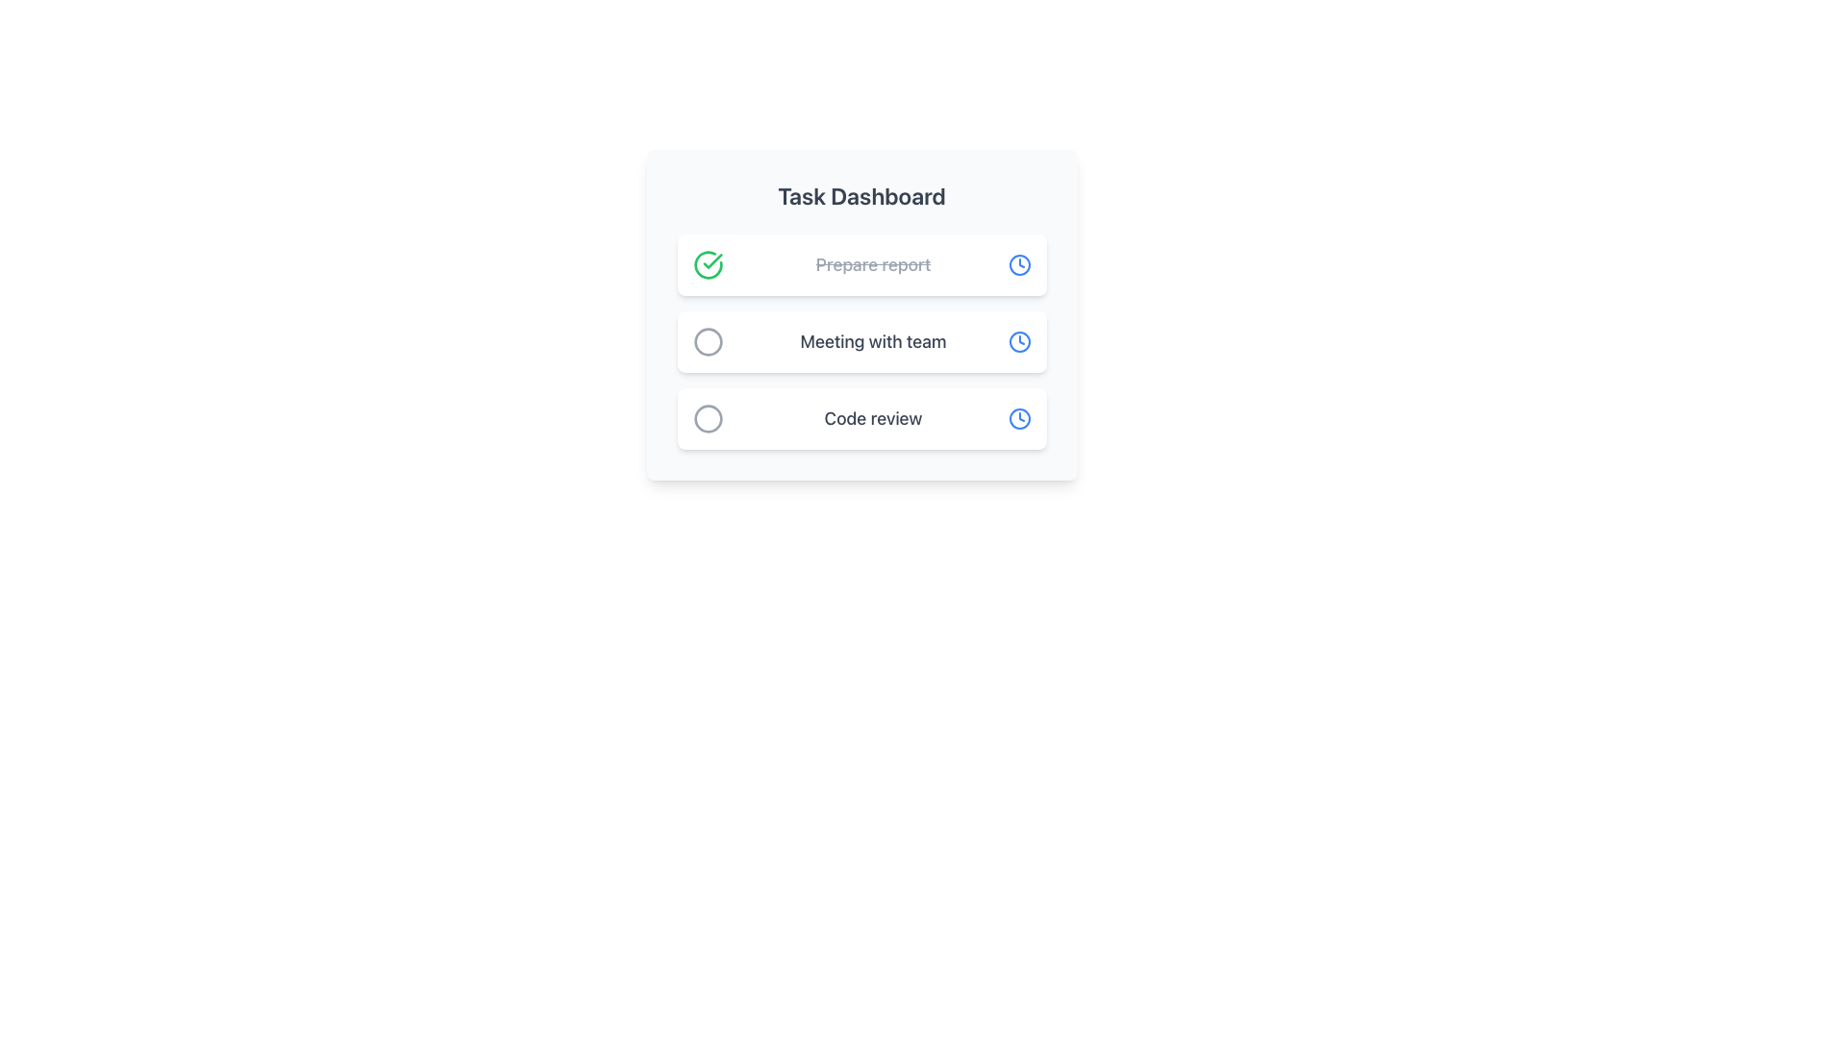 This screenshot has height=1038, width=1846. I want to click on the completed task item labeled 'Prepare report' which is indicated by a checkmark and strikethrough text, so click(861, 265).